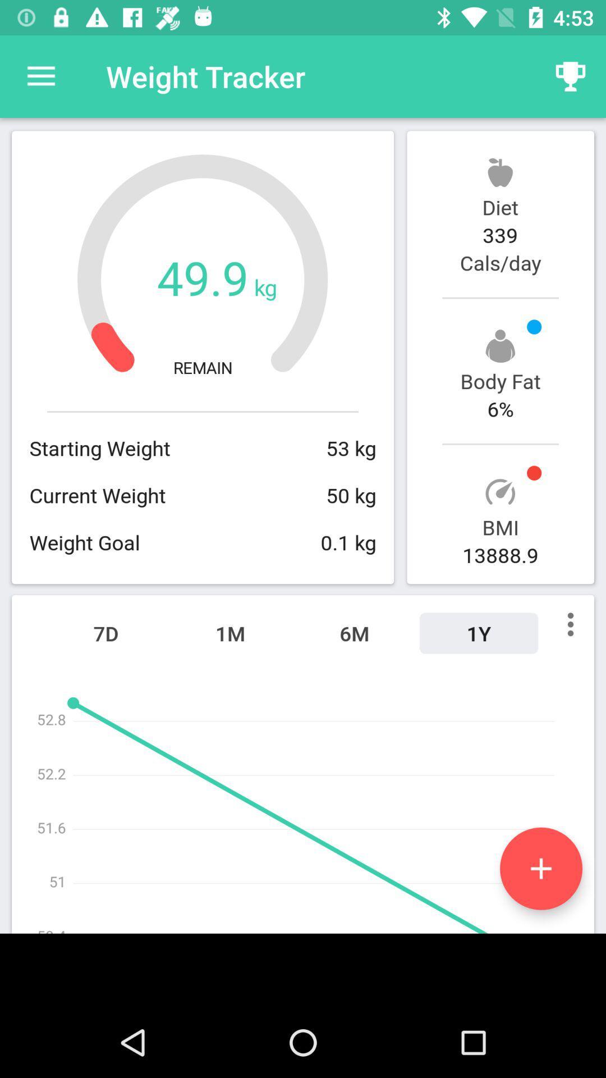  I want to click on option, so click(540, 868).